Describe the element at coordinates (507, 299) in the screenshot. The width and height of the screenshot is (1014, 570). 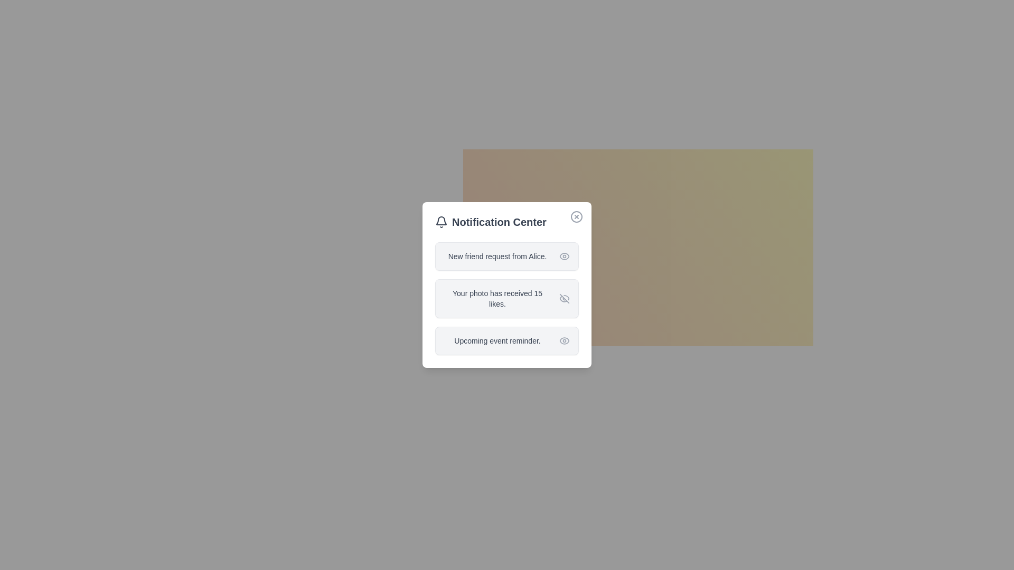
I see `the notification text in the second notification card that reads 'Your photo has received 15 likes.'` at that location.